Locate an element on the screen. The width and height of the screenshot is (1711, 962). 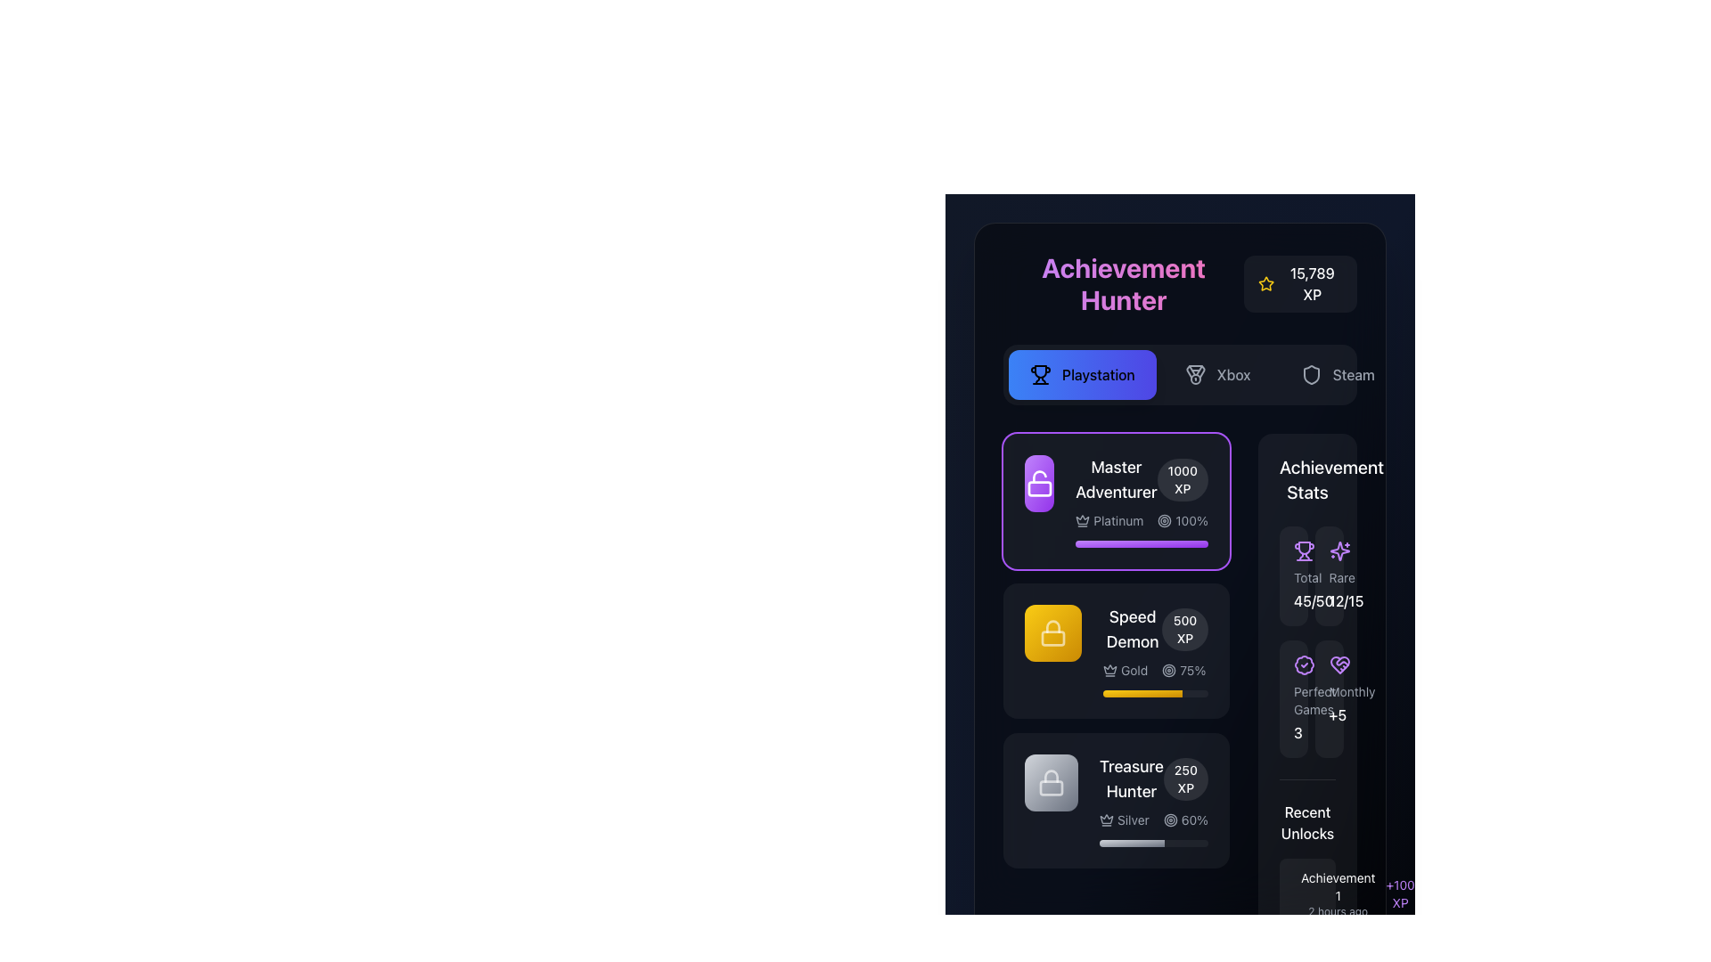
the non-interactive lock icon with an open shackle design, which is styled in white against a purple gradient circular background, located within the 'Master Adventurer' achievements box is located at coordinates (1039, 484).